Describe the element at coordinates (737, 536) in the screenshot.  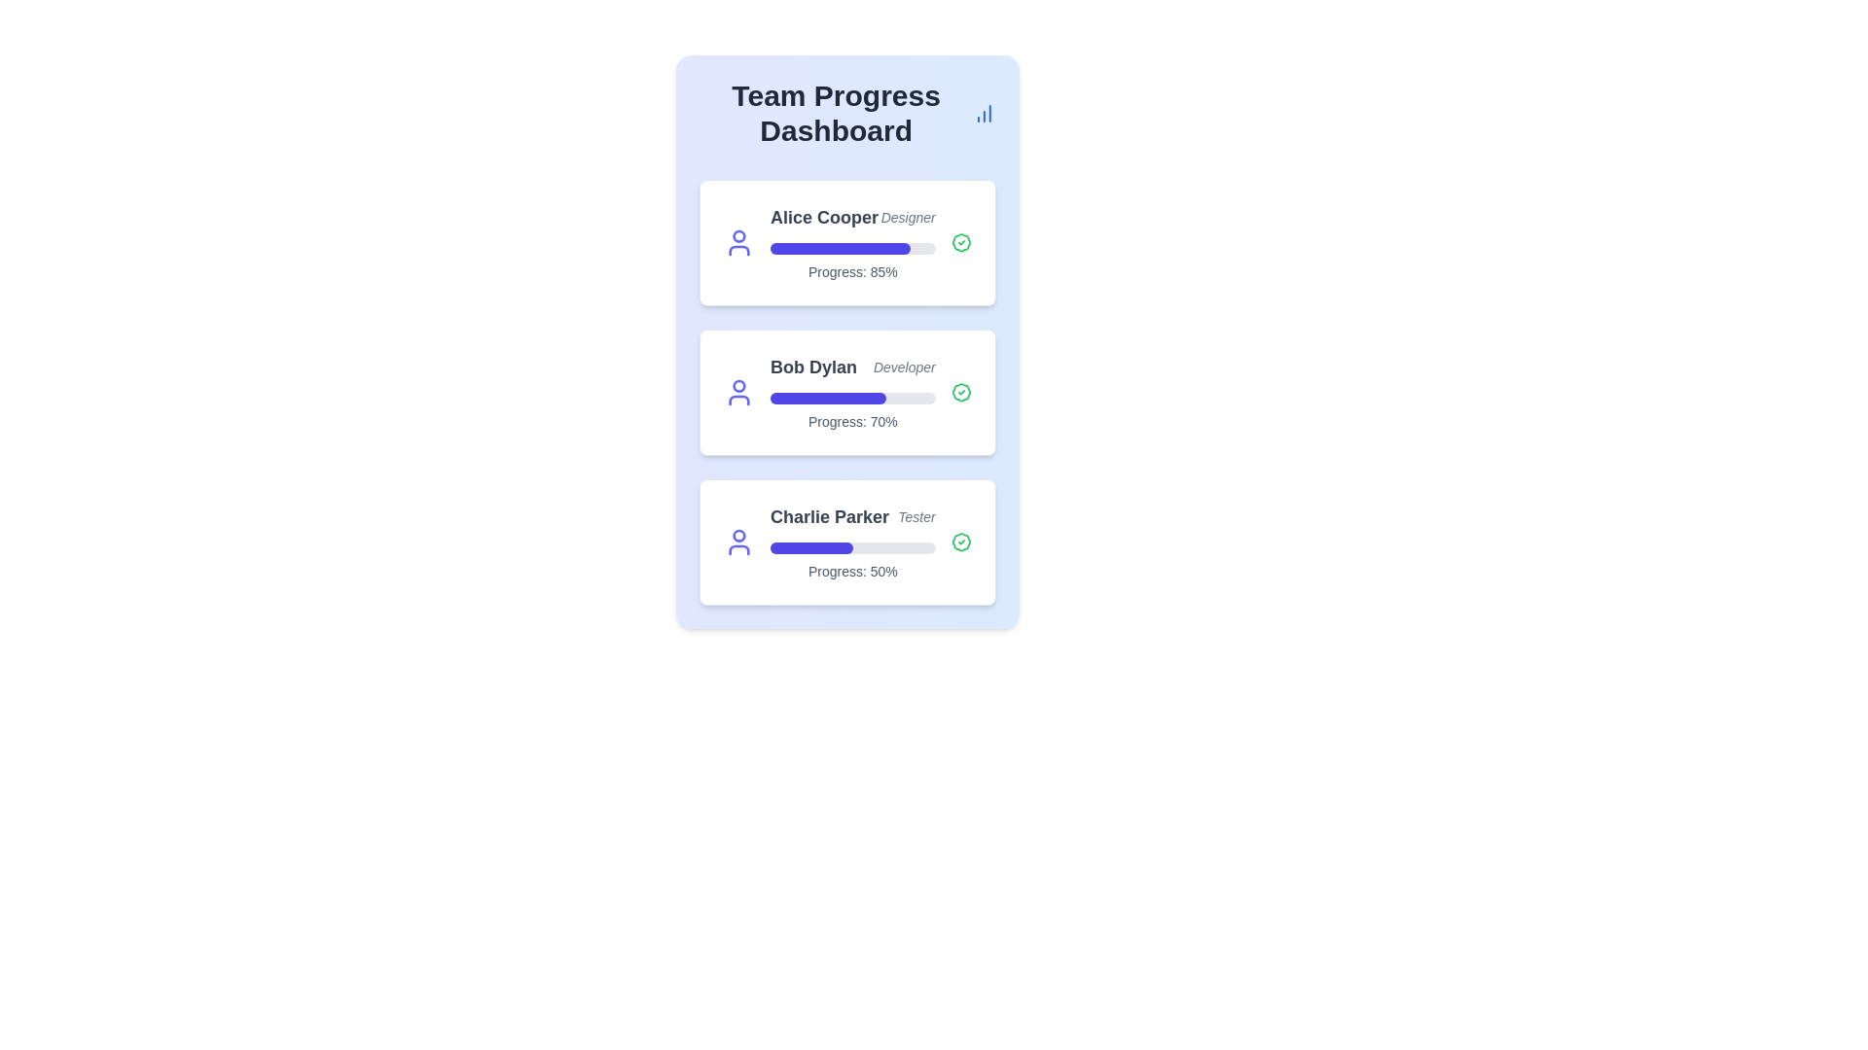
I see `the circular graphics element representing the head section of the user icon for 'Charlie Parker' in the user card` at that location.